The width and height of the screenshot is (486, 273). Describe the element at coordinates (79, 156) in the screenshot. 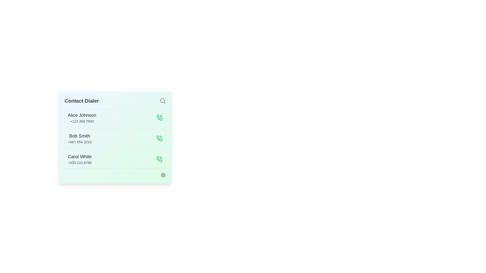

I see `the text label displaying the name 'Carol White', which is styled in a bold, larger font and is part of a contact list in the third row` at that location.